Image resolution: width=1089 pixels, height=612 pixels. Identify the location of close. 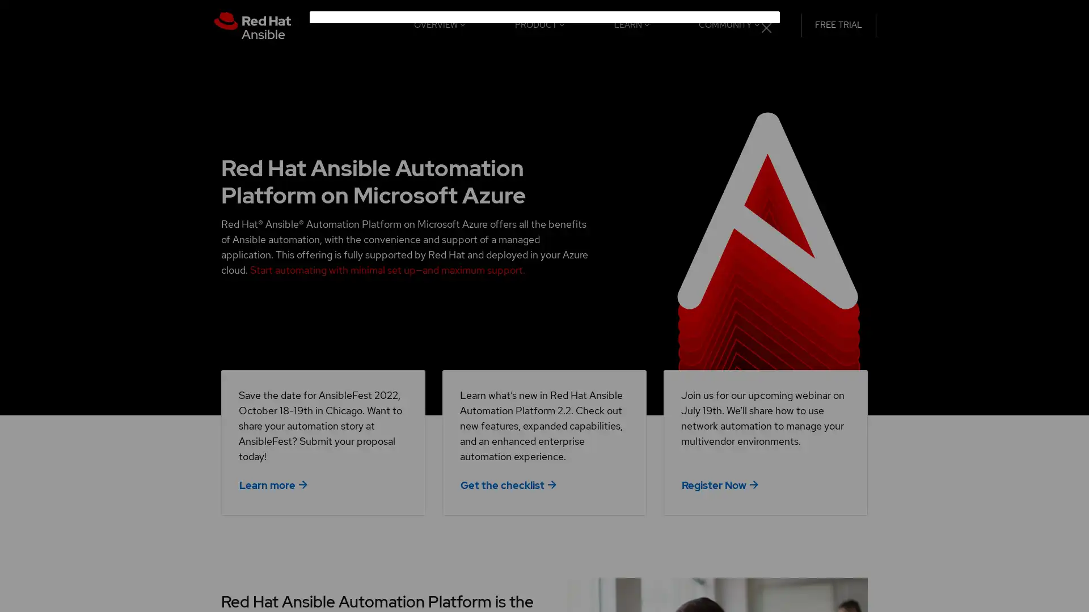
(766, 26).